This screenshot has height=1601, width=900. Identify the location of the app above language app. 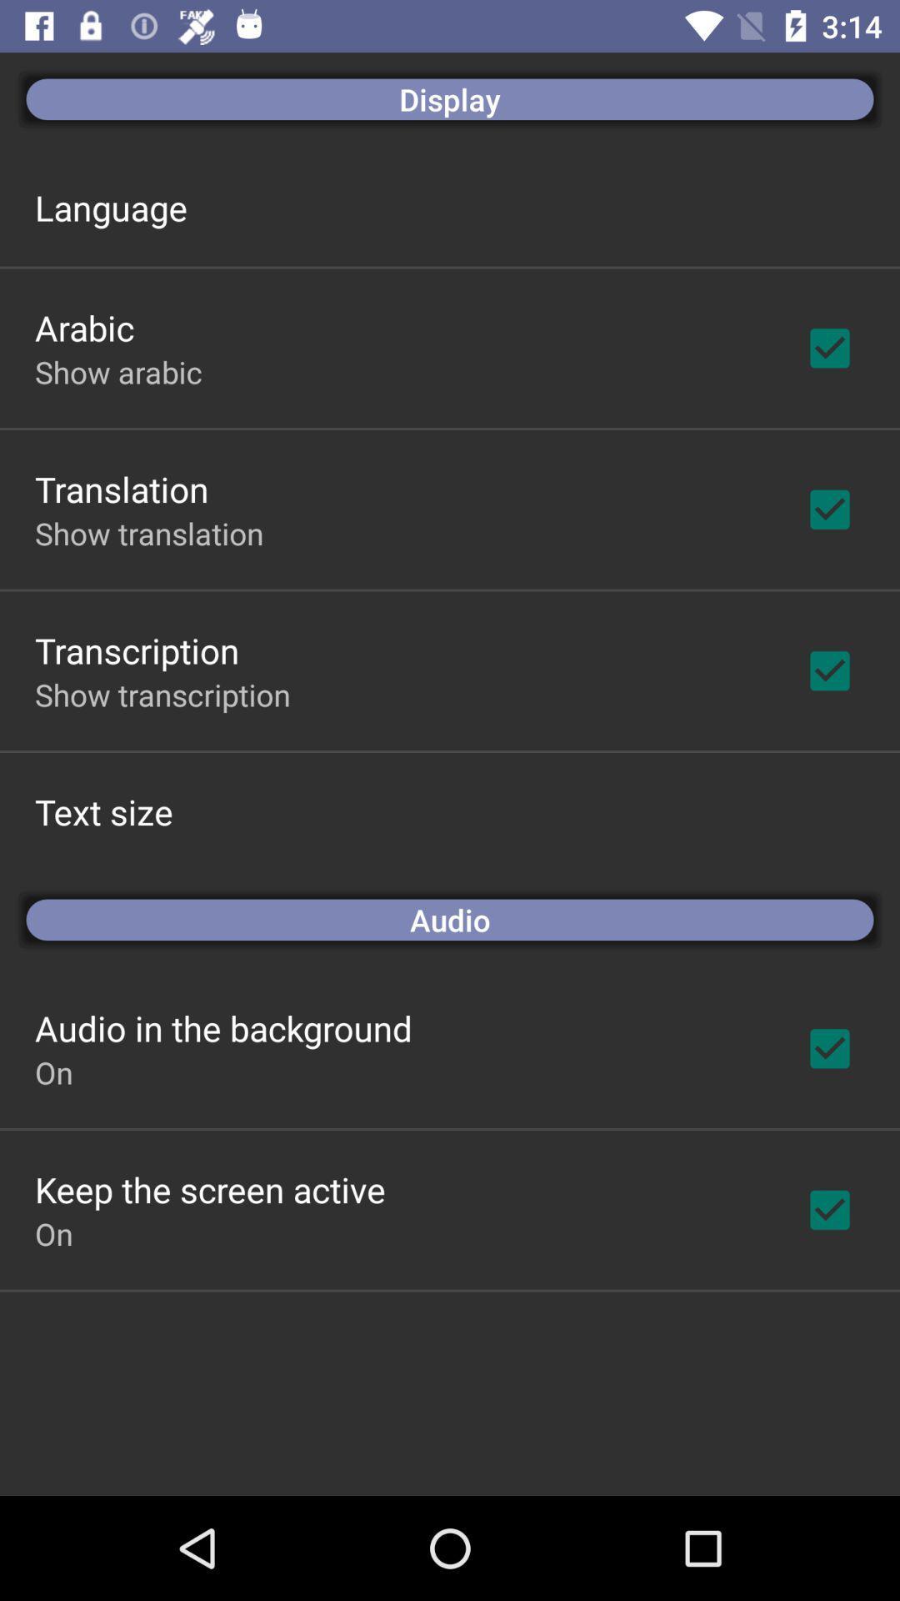
(450, 98).